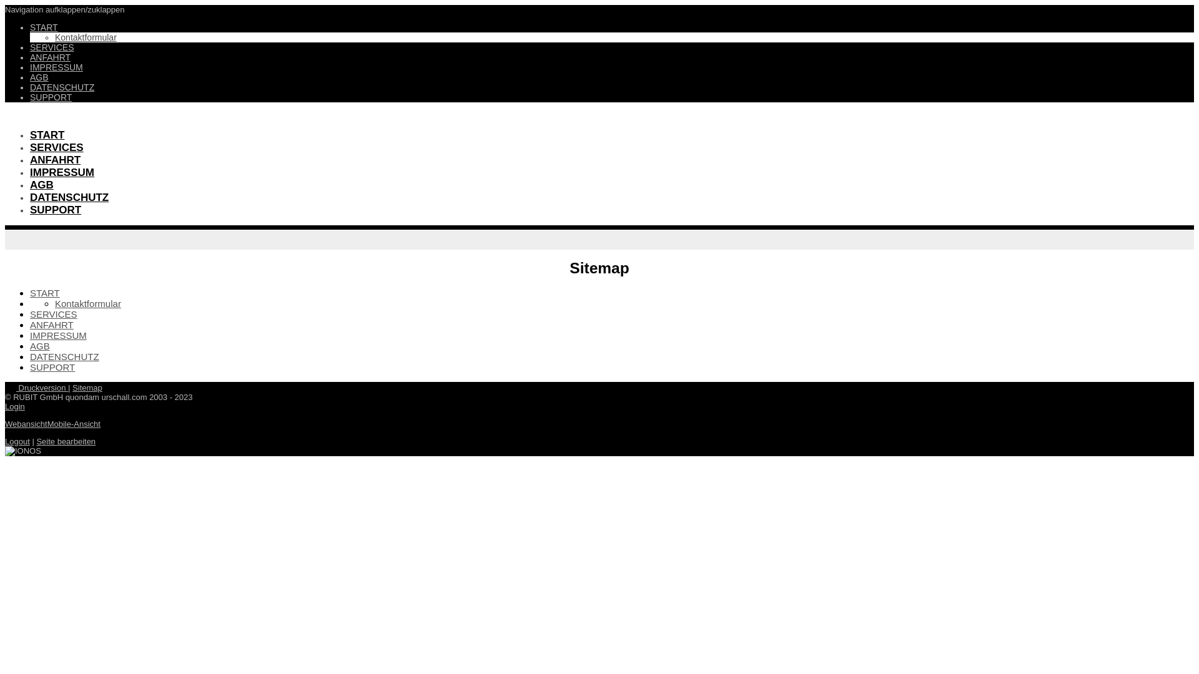 The width and height of the screenshot is (1199, 674). Describe the element at coordinates (44, 27) in the screenshot. I see `'START'` at that location.